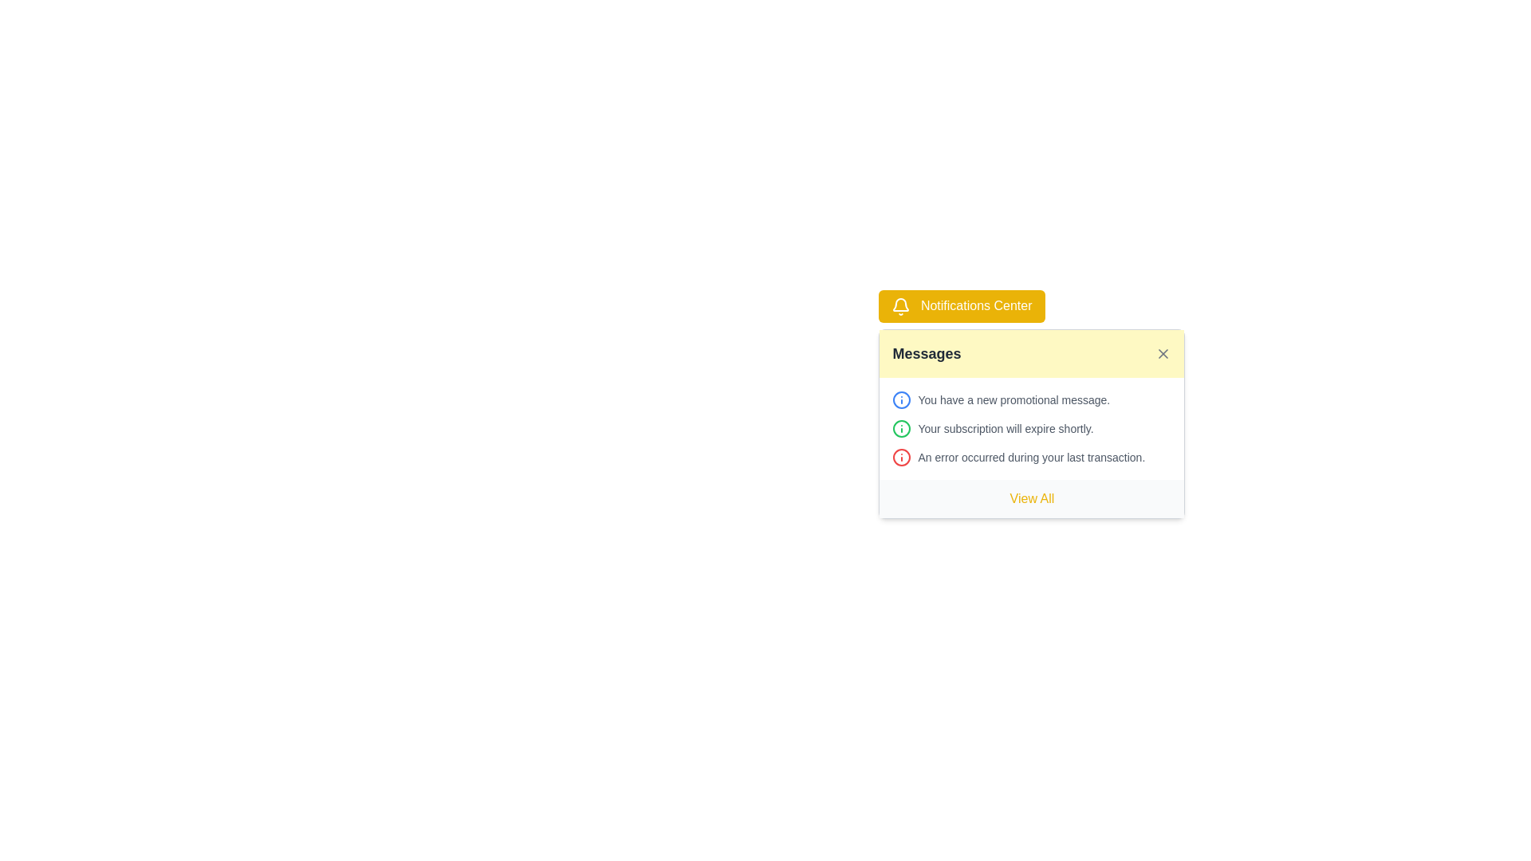 The height and width of the screenshot is (861, 1531). I want to click on the information icon located to the left of the text 'Your subscription will expire shortly.' within the notification card under the 'Messages' section, so click(902, 427).